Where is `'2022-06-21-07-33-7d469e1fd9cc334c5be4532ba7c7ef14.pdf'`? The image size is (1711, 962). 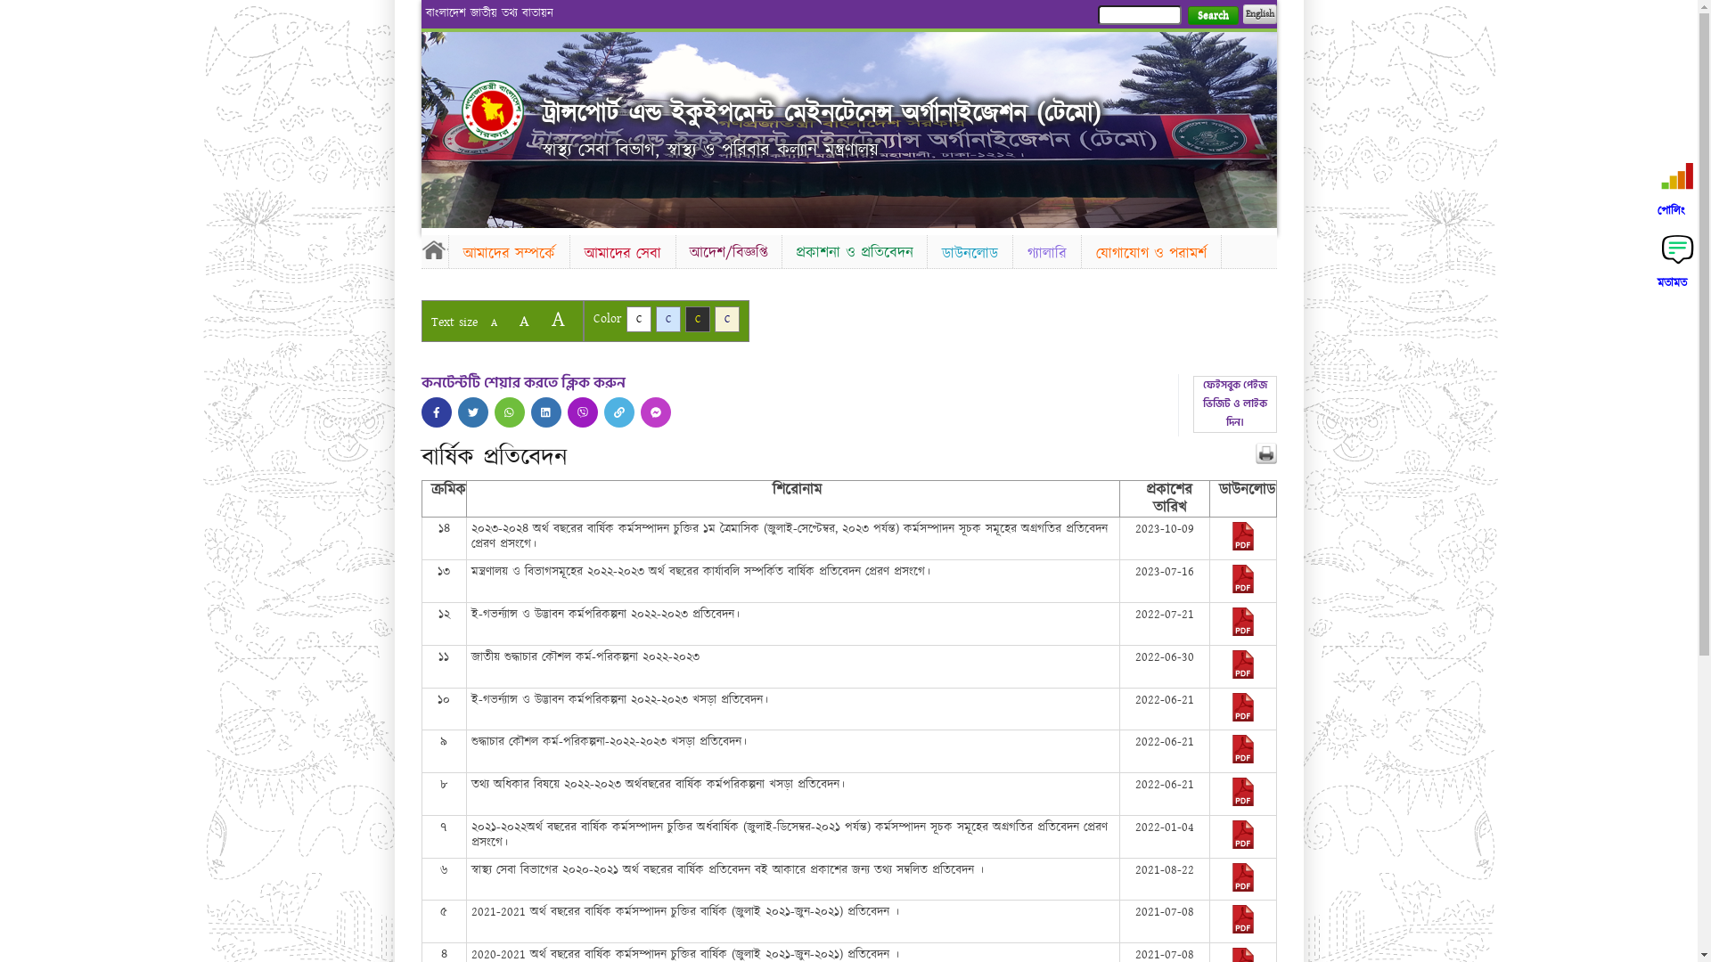
'2022-06-21-07-33-7d469e1fd9cc334c5be4532ba7c7ef14.pdf' is located at coordinates (1227, 717).